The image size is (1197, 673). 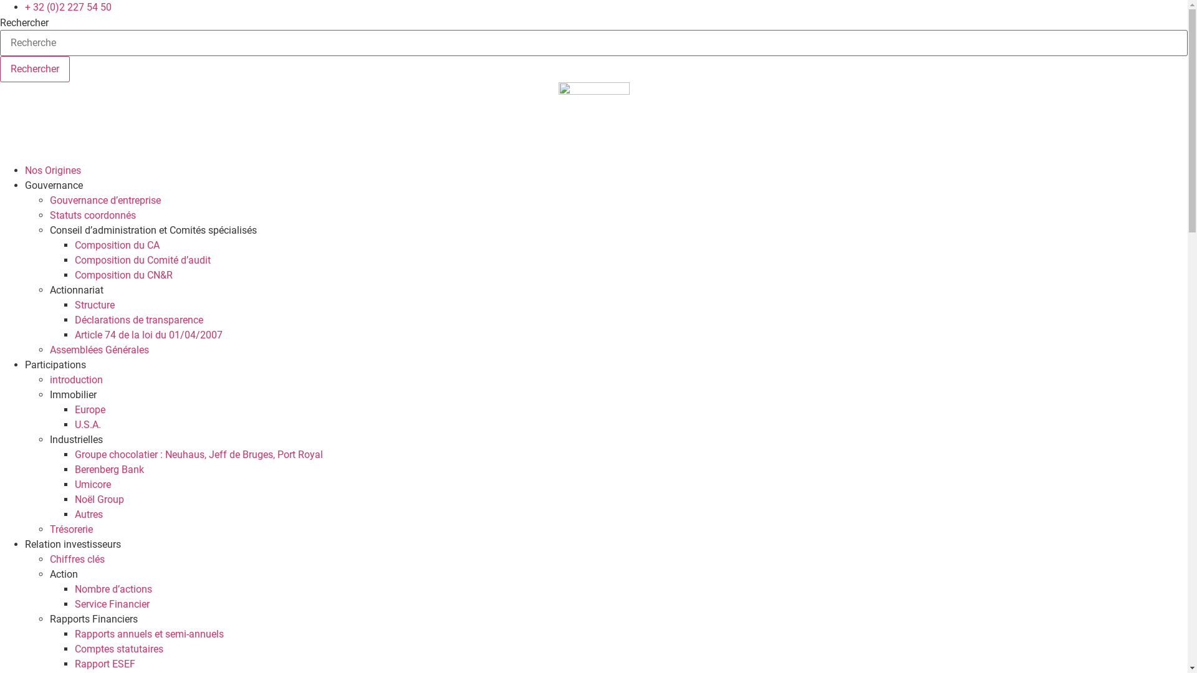 I want to click on 'Rapports annuels et semi-annuels', so click(x=74, y=634).